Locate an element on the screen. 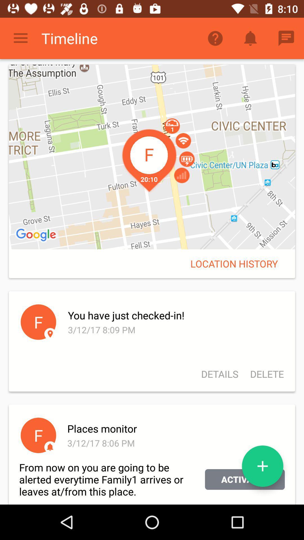 This screenshot has width=304, height=540. item above from now on icon is located at coordinates (50, 447).